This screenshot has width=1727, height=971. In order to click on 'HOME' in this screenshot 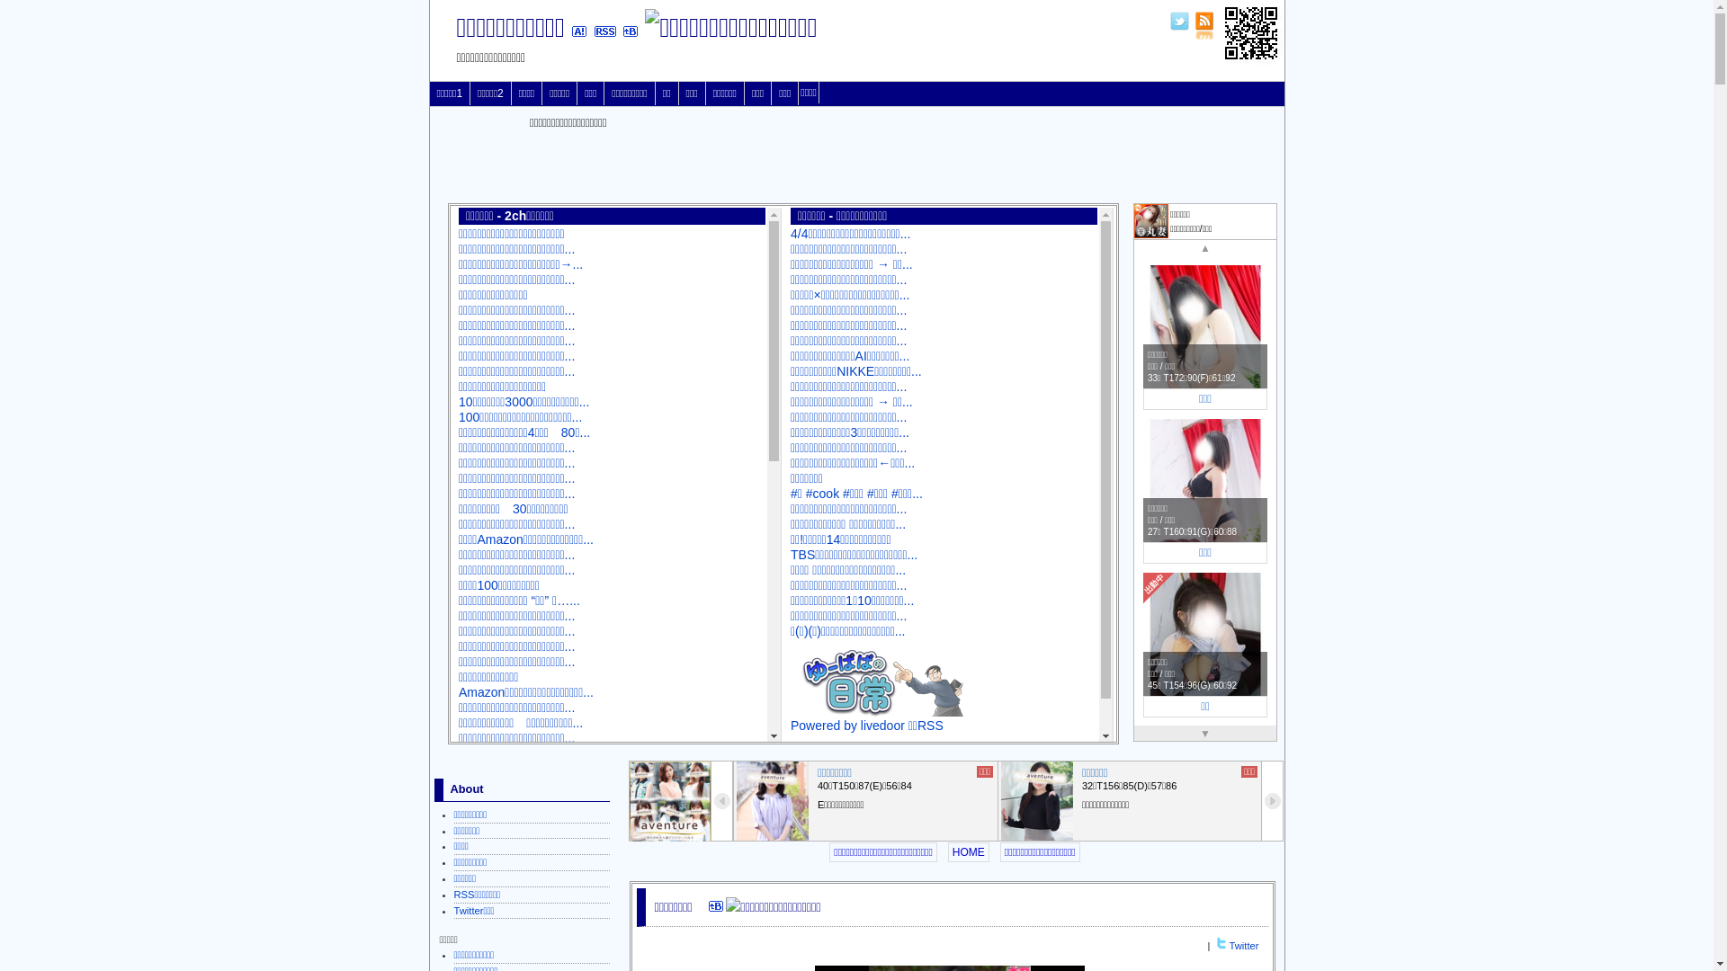, I will do `click(967, 851)`.